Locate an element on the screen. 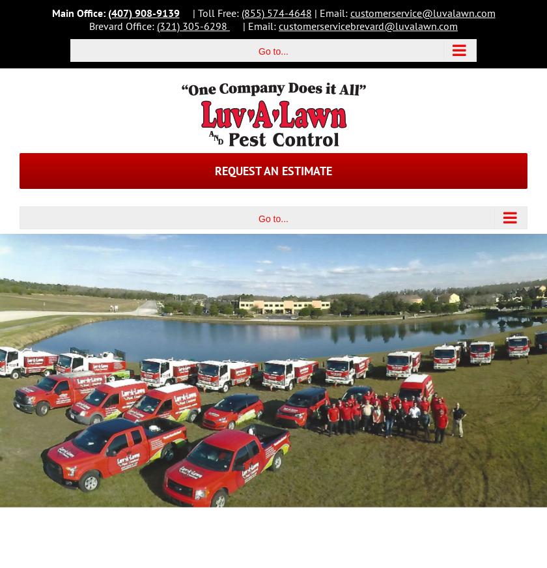 The image size is (547, 568). '(407) 908-9139' is located at coordinates (143, 12).